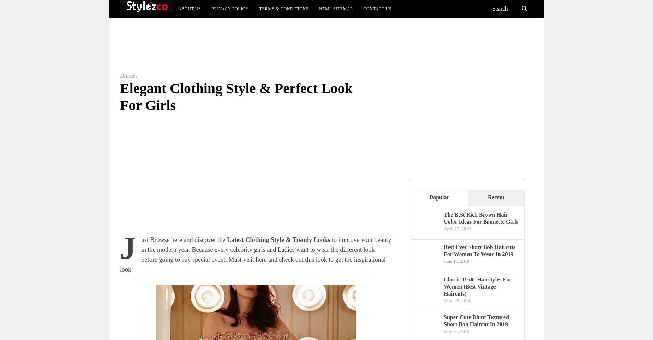 The width and height of the screenshot is (653, 340). What do you see at coordinates (384, 50) in the screenshot?
I see `'Celebrity Hairstyles'` at bounding box center [384, 50].